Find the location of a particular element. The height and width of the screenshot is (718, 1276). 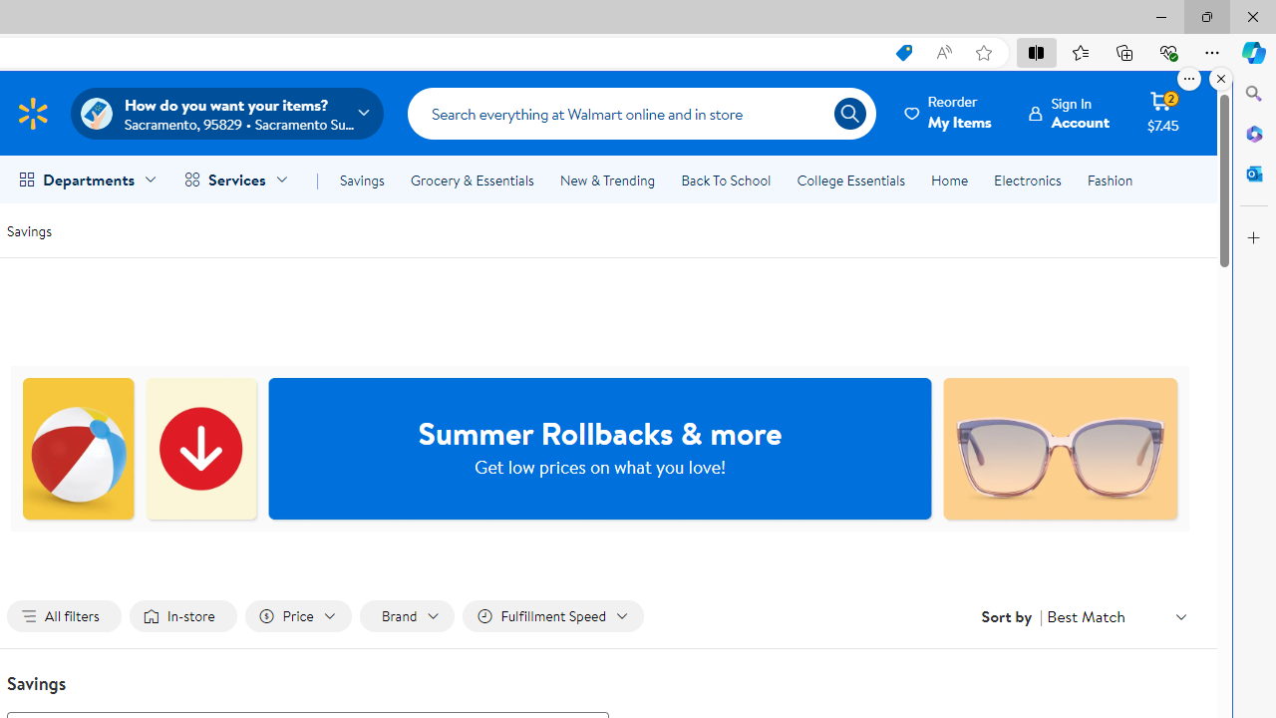

'ReorderMy Items' is located at coordinates (948, 113).